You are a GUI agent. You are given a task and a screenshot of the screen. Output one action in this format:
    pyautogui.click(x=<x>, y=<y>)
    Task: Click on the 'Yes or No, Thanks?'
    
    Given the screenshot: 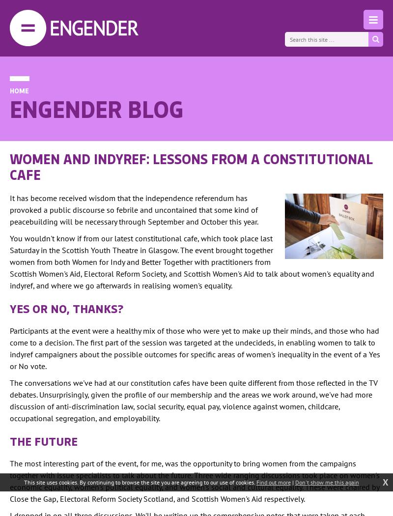 What is the action you would take?
    pyautogui.click(x=67, y=308)
    